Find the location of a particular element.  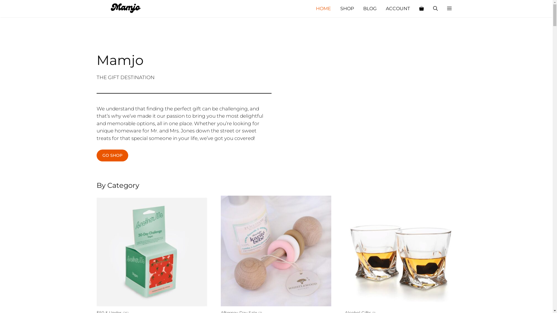

'Mamjo' is located at coordinates (125, 9).